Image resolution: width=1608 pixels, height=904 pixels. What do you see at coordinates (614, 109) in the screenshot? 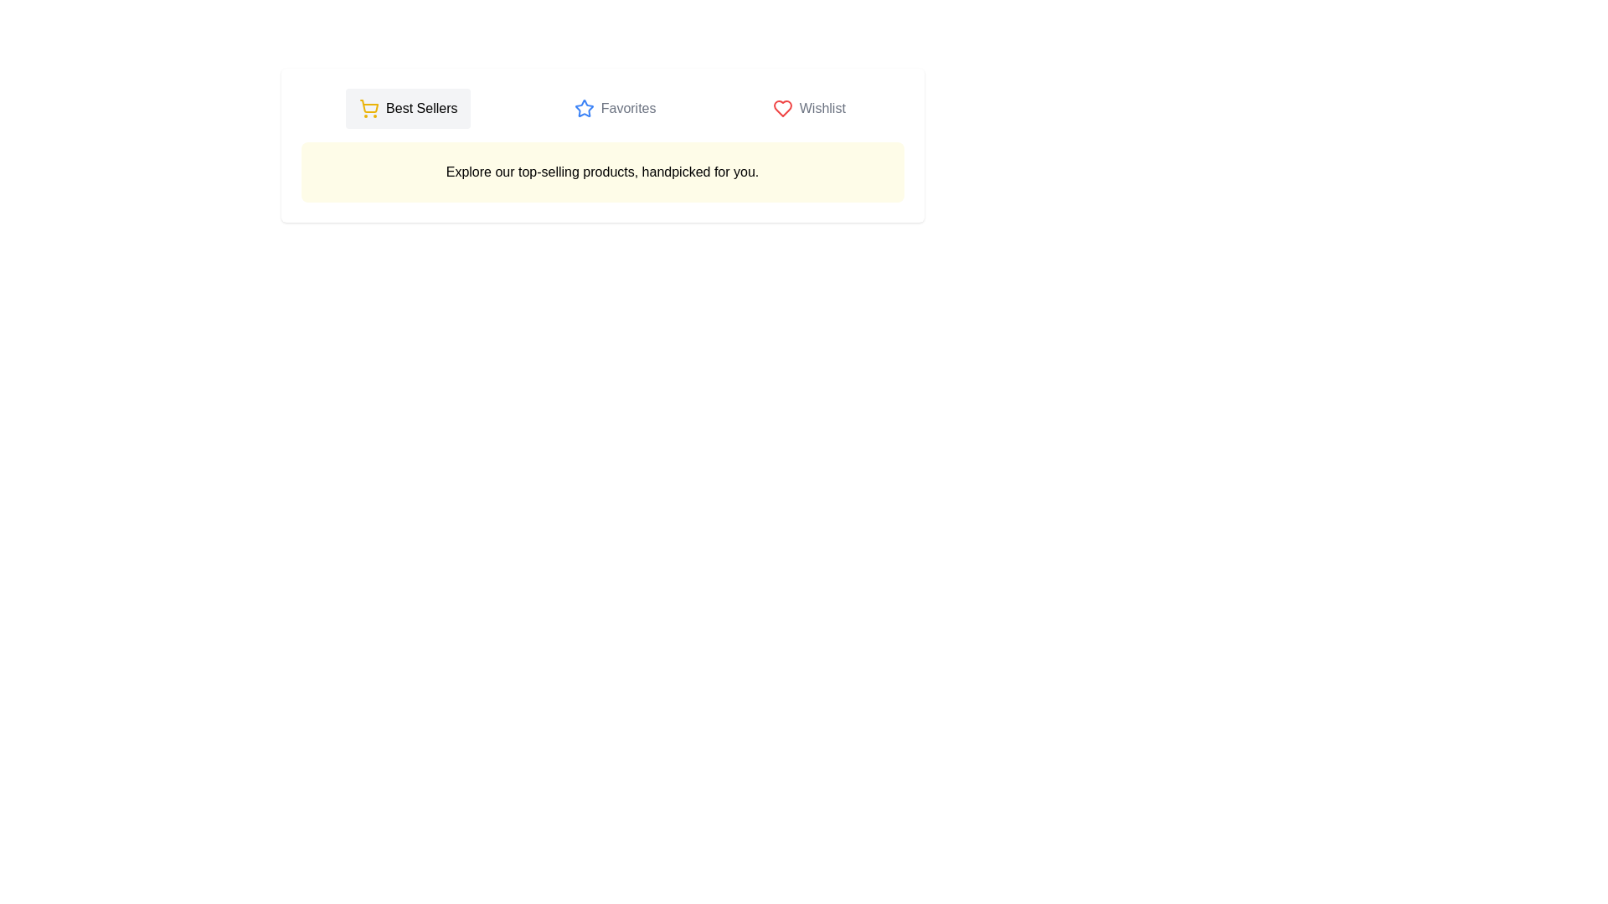
I see `the 'Favorites' tab` at bounding box center [614, 109].